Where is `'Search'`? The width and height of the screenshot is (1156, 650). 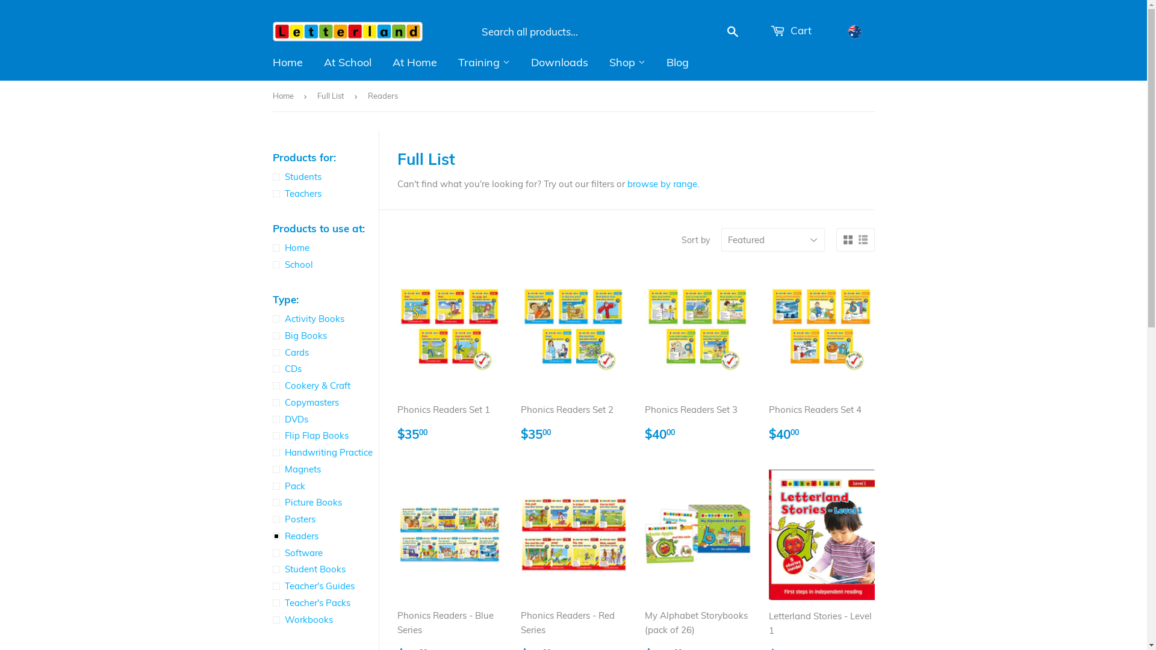 'Search' is located at coordinates (732, 31).